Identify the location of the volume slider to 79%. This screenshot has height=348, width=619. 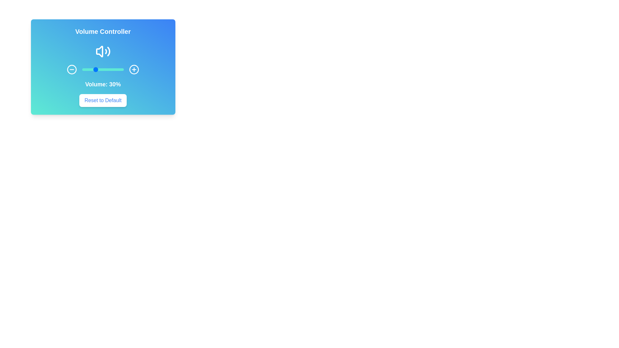
(115, 70).